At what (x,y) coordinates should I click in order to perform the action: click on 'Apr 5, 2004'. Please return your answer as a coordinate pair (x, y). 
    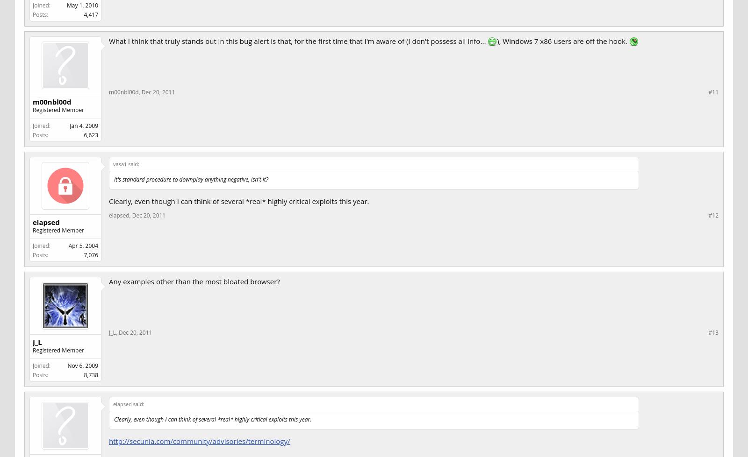
    Looking at the image, I should click on (83, 245).